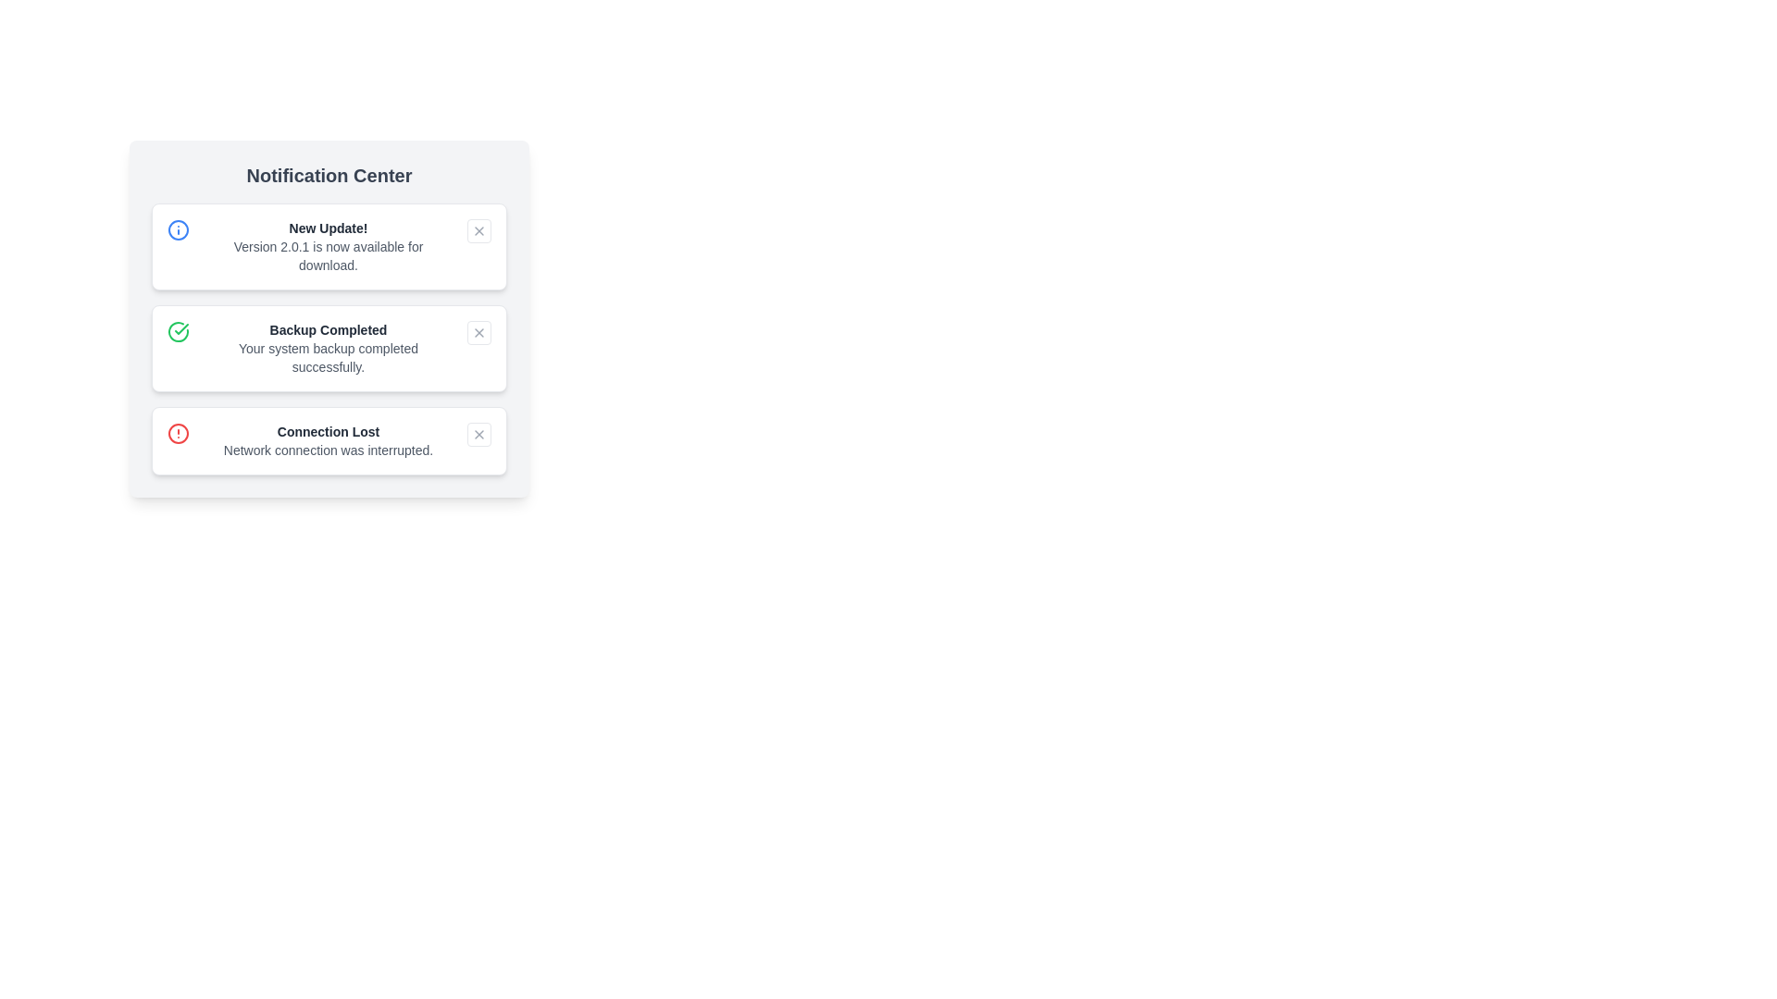  Describe the element at coordinates (479, 435) in the screenshot. I see `the dismissal button located in the top-right corner of the notification card labeled 'Connection Lost'` at that location.